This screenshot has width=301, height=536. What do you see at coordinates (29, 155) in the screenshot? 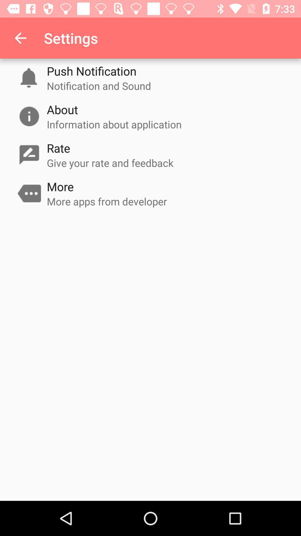
I see `the icon which is to the left of rate` at bounding box center [29, 155].